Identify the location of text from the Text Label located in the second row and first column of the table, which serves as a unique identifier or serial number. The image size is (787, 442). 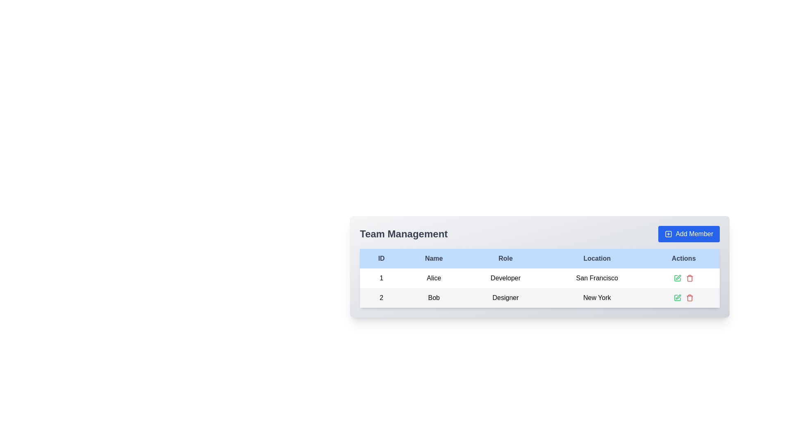
(381, 298).